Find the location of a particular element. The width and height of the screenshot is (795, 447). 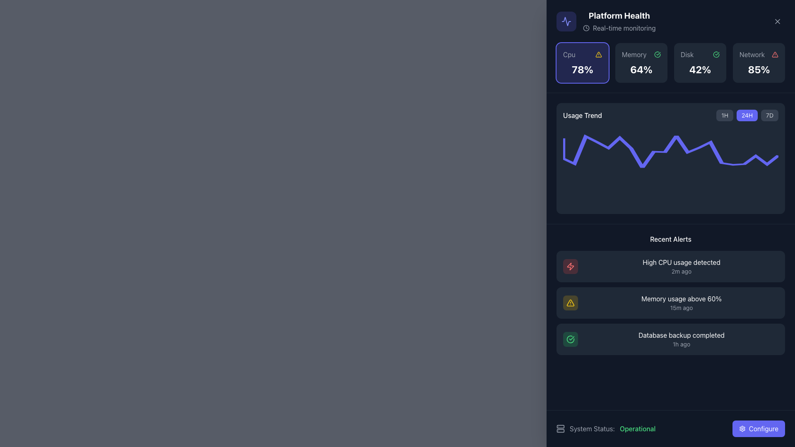

the alert notification Text label indicating memory usage exceeding 60%, located in the 'Recent Alerts' section as the second entry is located at coordinates (682, 298).